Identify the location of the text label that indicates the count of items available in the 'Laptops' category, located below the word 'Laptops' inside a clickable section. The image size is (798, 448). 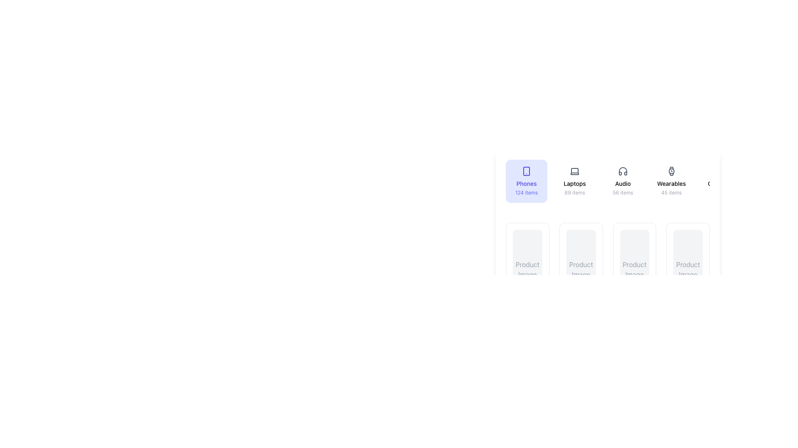
(574, 193).